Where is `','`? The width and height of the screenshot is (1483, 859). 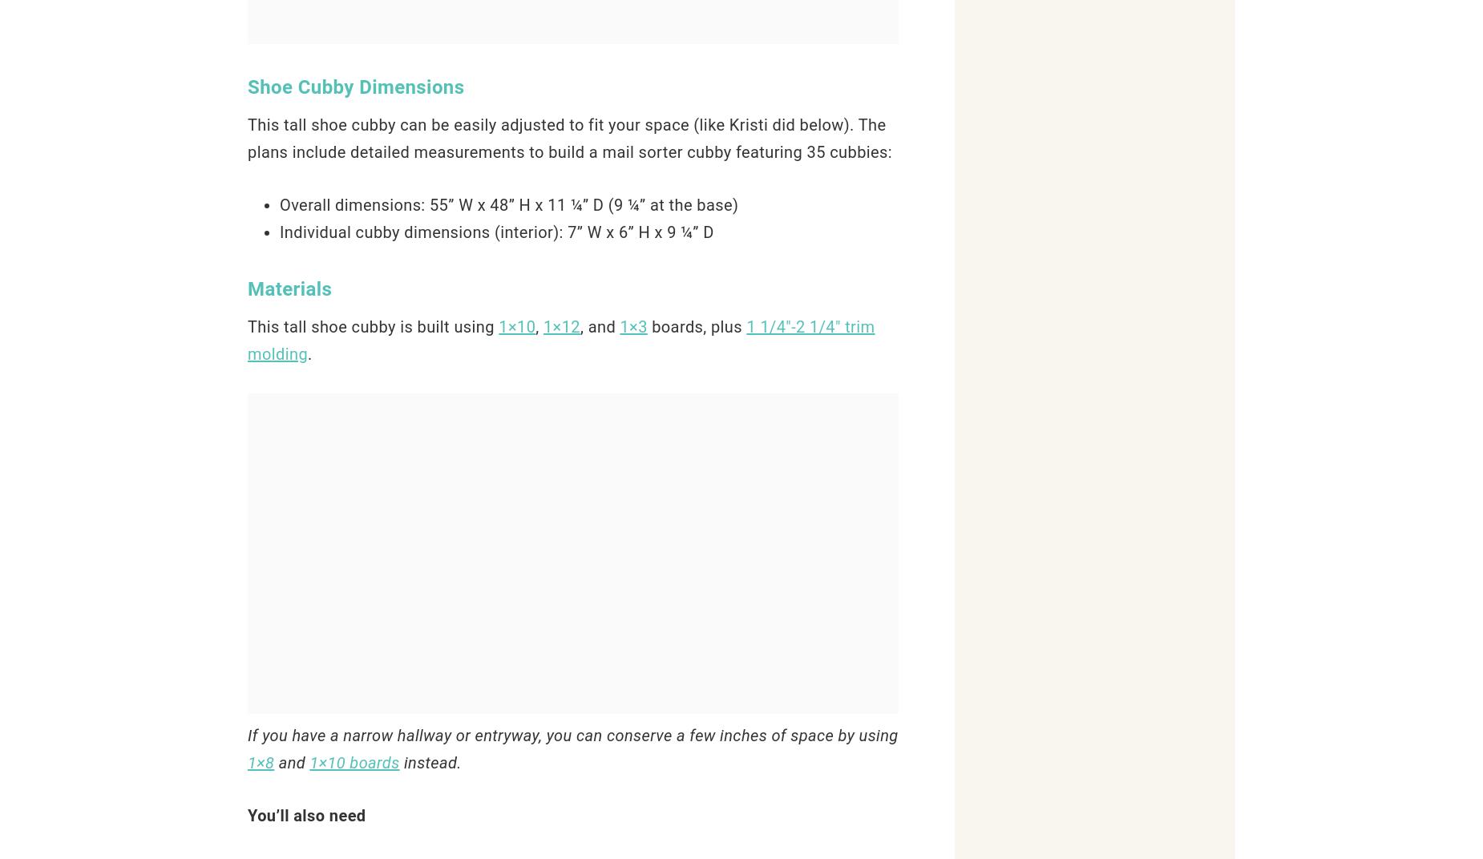 ',' is located at coordinates (539, 326).